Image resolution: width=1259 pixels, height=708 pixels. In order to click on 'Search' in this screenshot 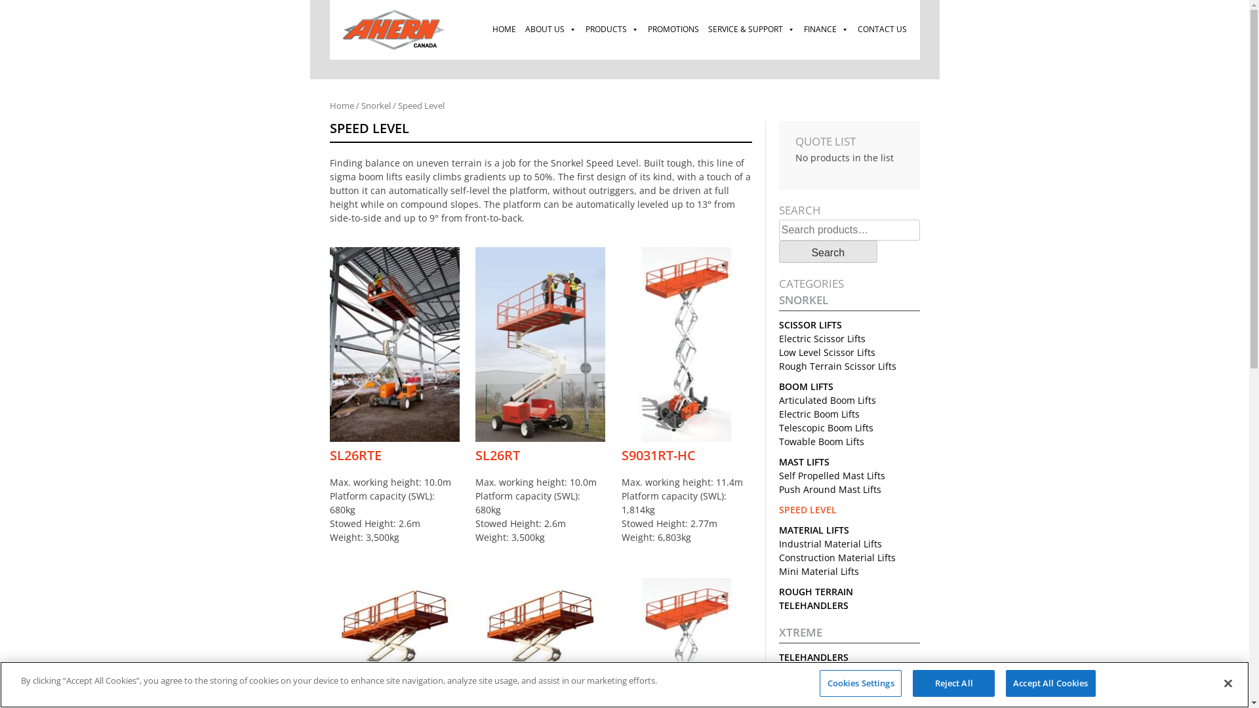, I will do `click(827, 252)`.